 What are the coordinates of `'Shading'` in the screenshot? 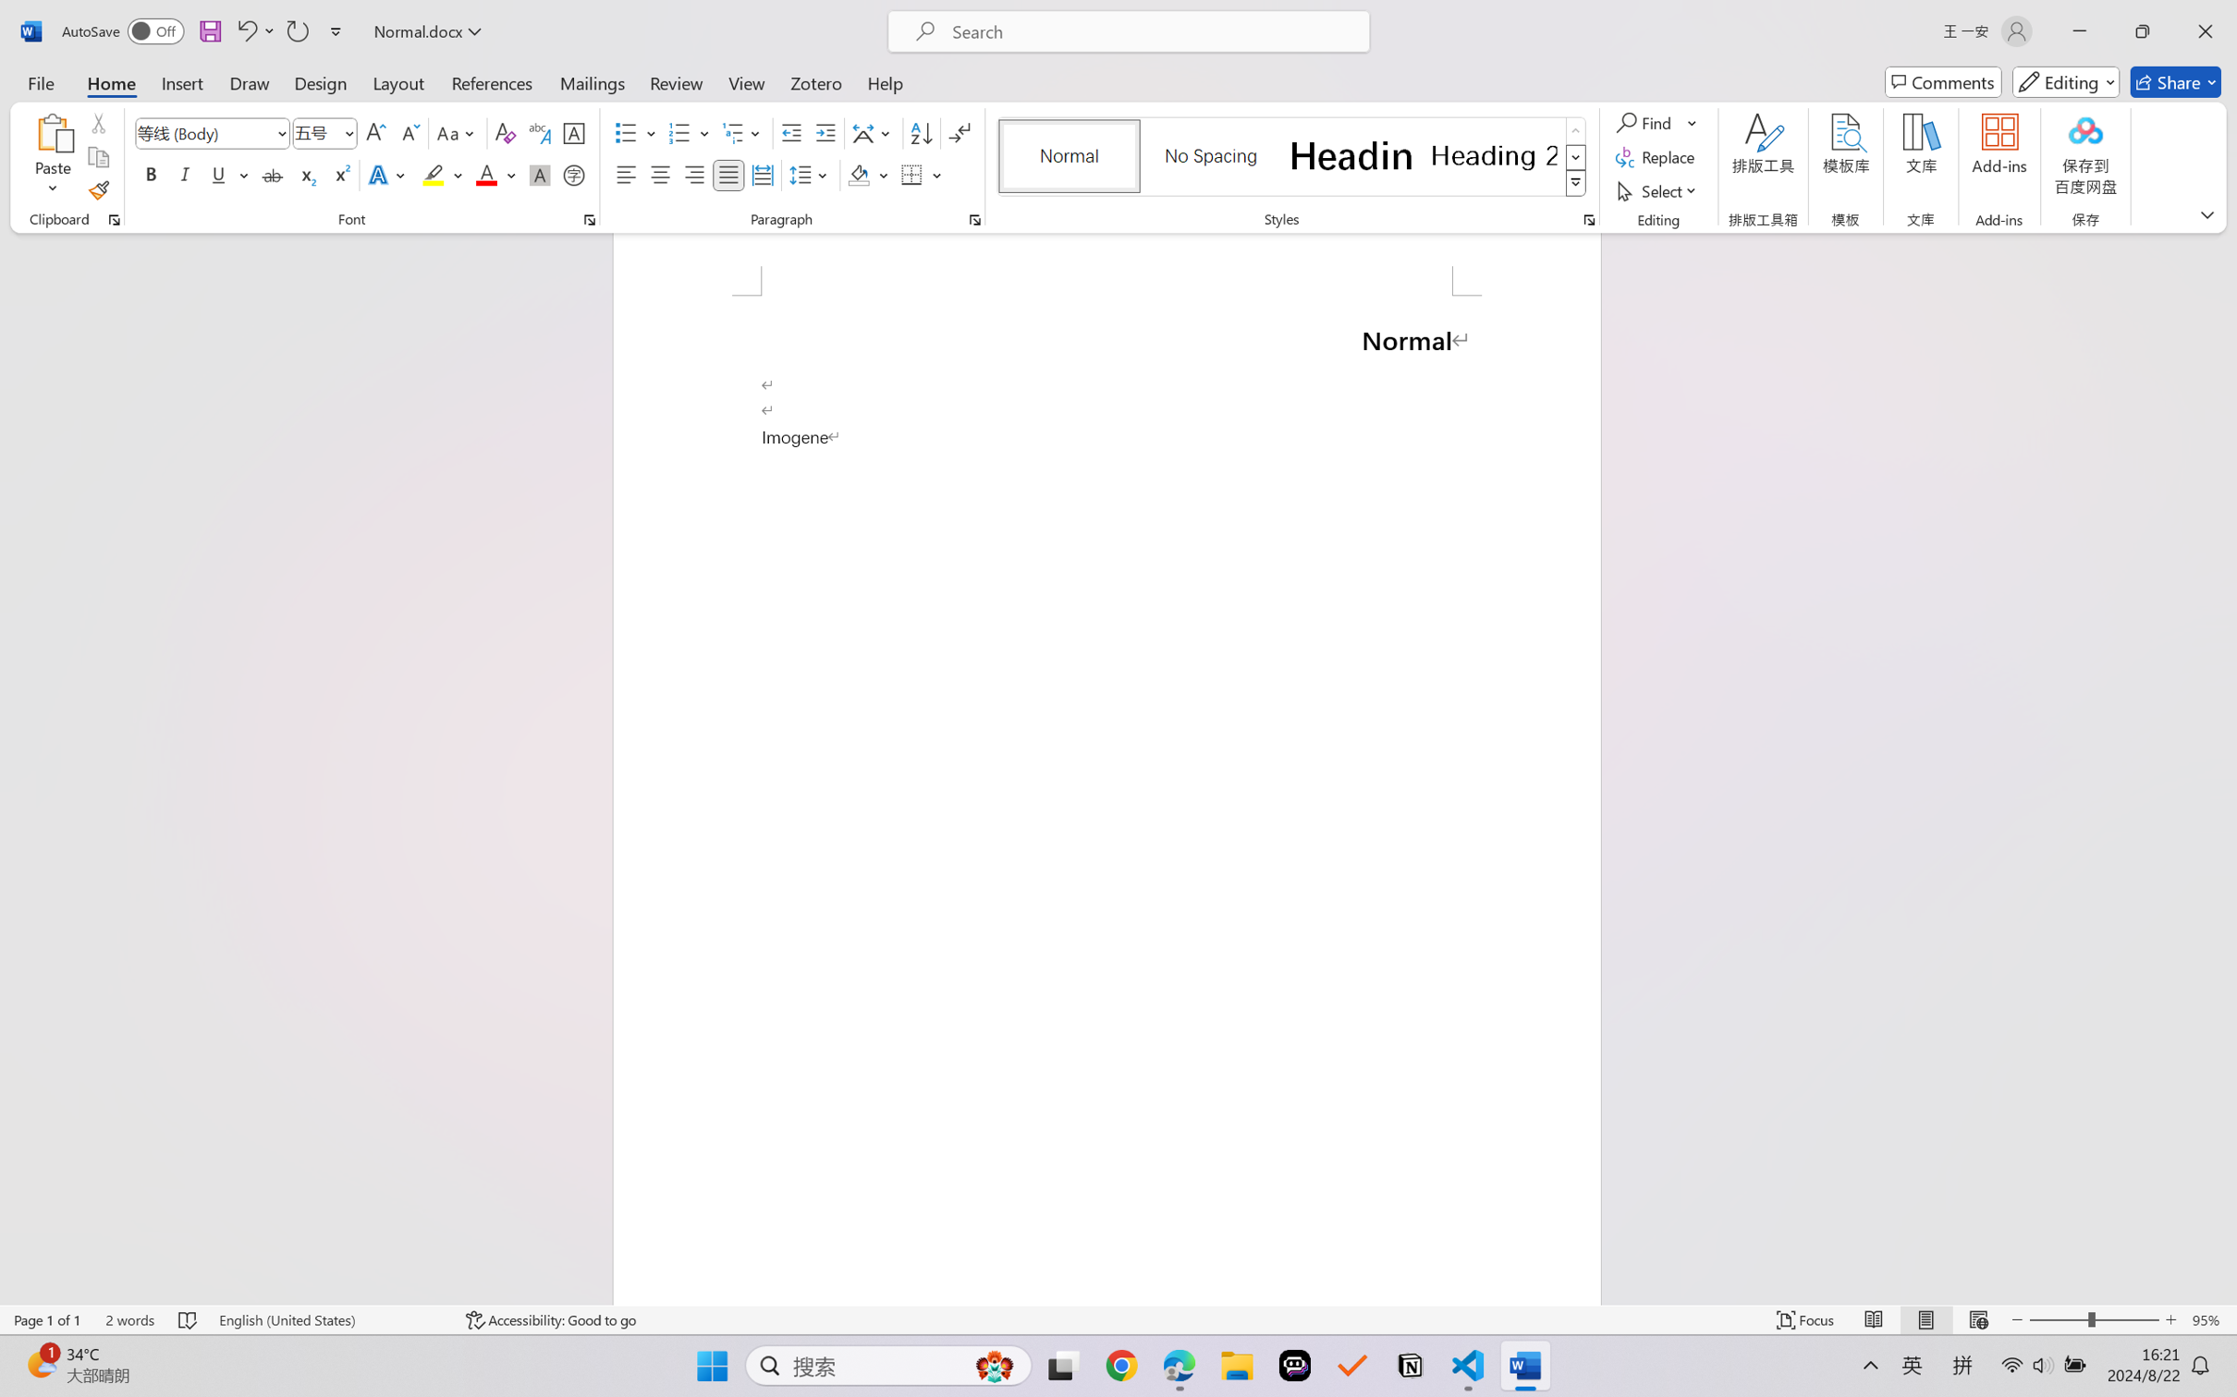 It's located at (868, 174).